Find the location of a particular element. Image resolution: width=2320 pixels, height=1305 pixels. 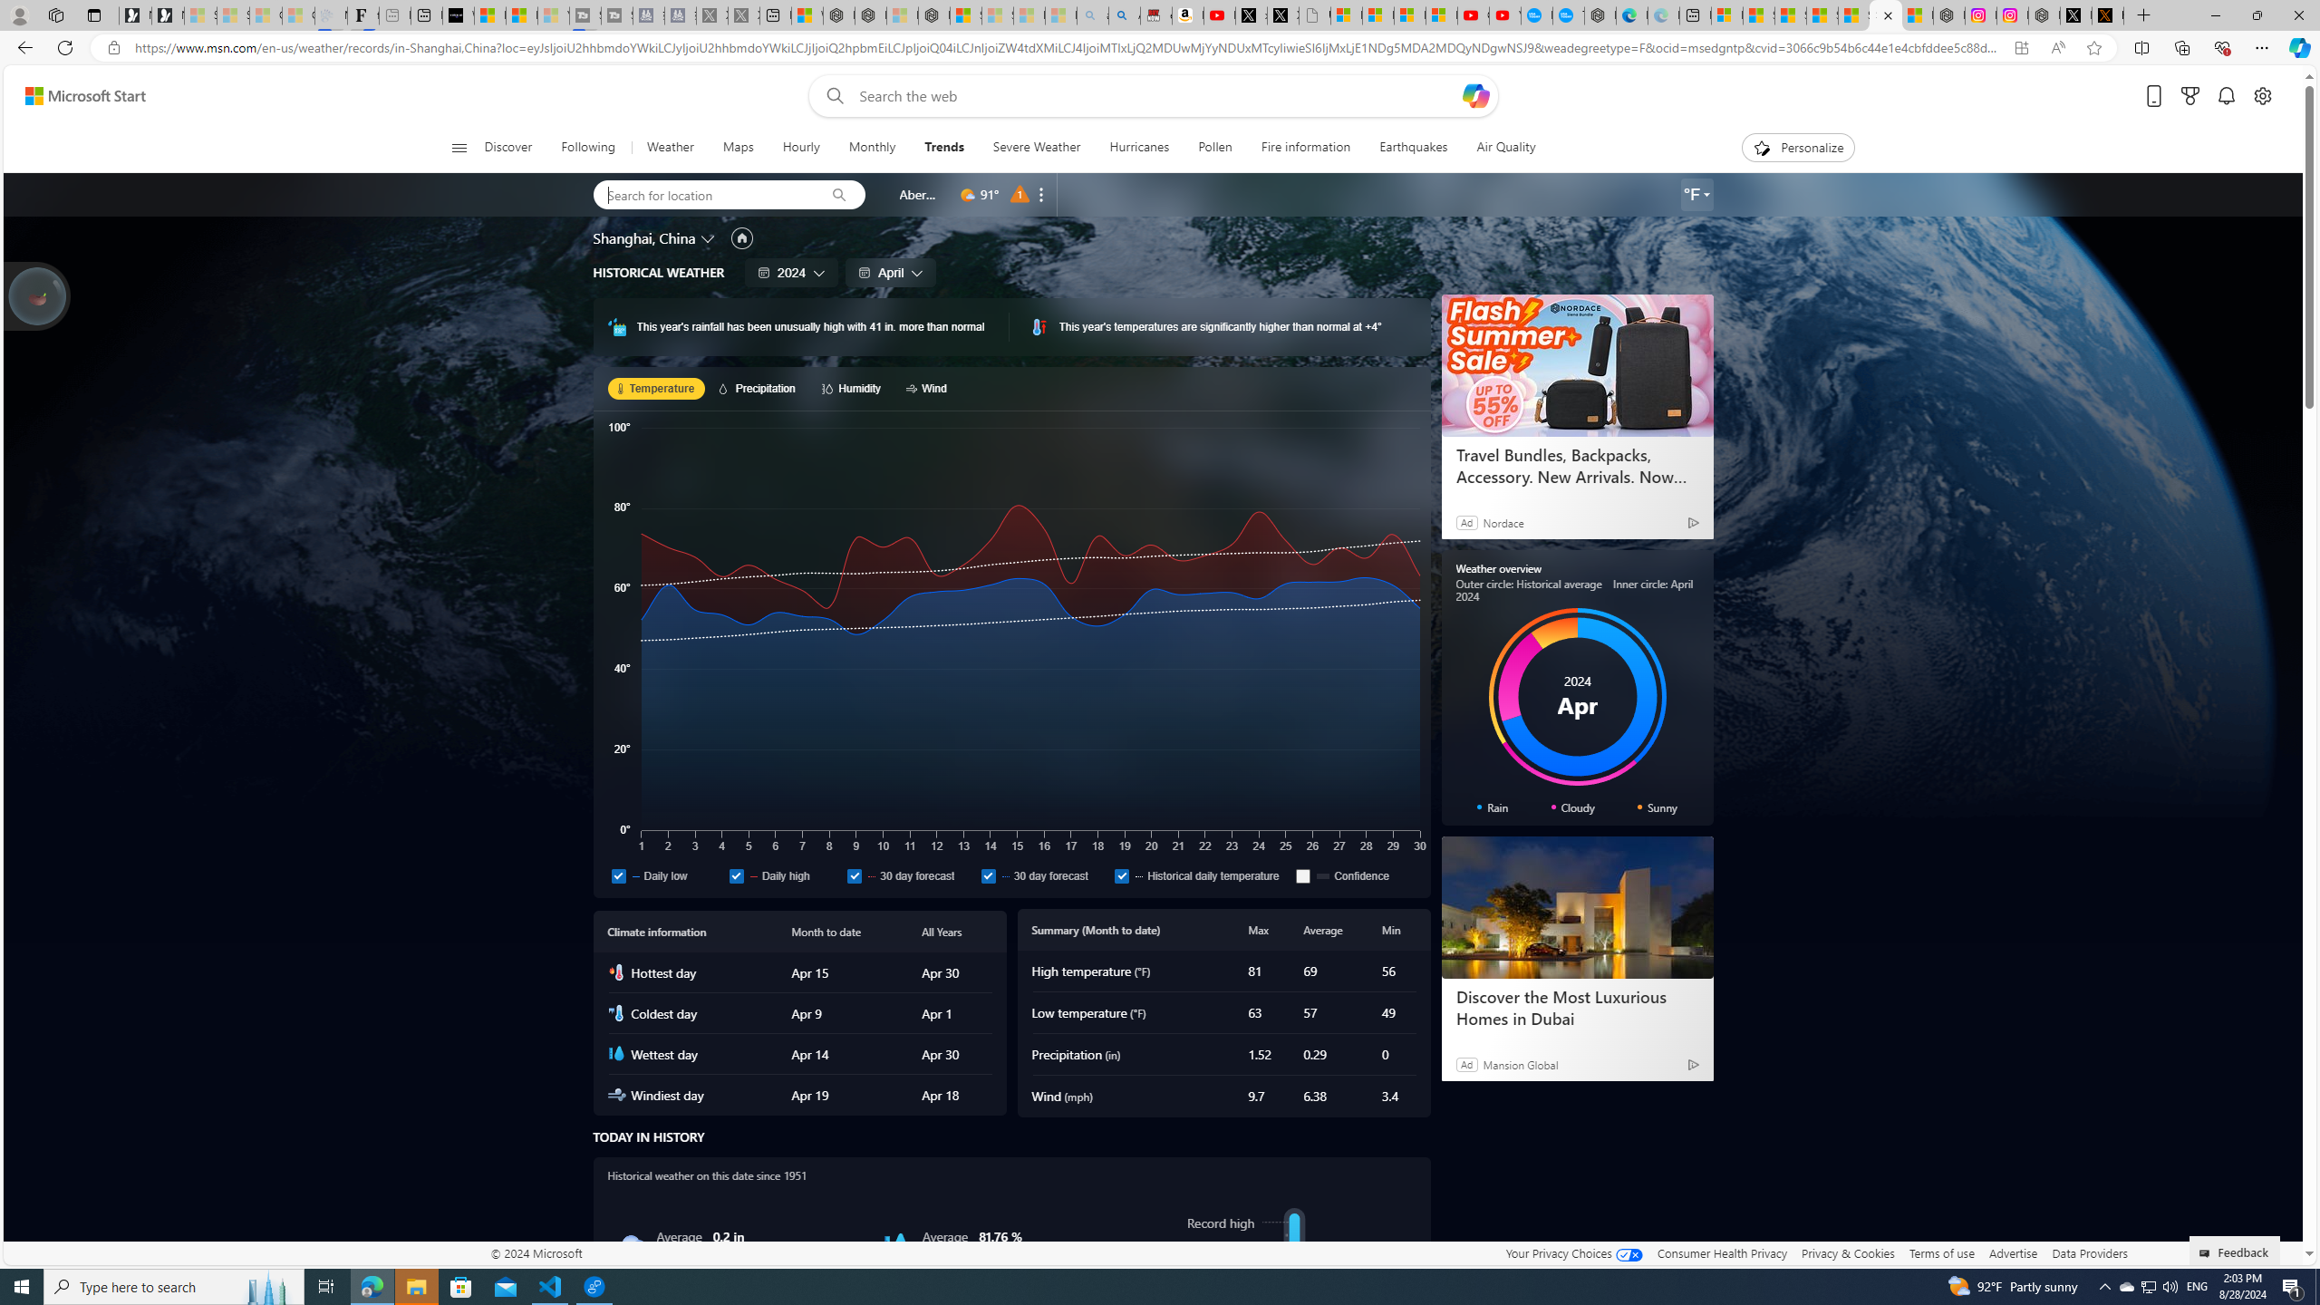

'Amazon Echo Dot PNG - Search Images' is located at coordinates (1124, 14).